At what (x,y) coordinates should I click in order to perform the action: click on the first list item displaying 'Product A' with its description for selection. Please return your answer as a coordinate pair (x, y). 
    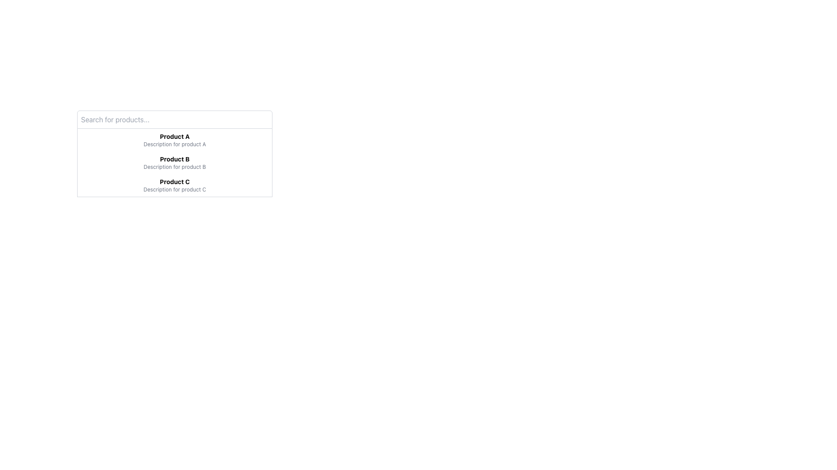
    Looking at the image, I should click on (174, 139).